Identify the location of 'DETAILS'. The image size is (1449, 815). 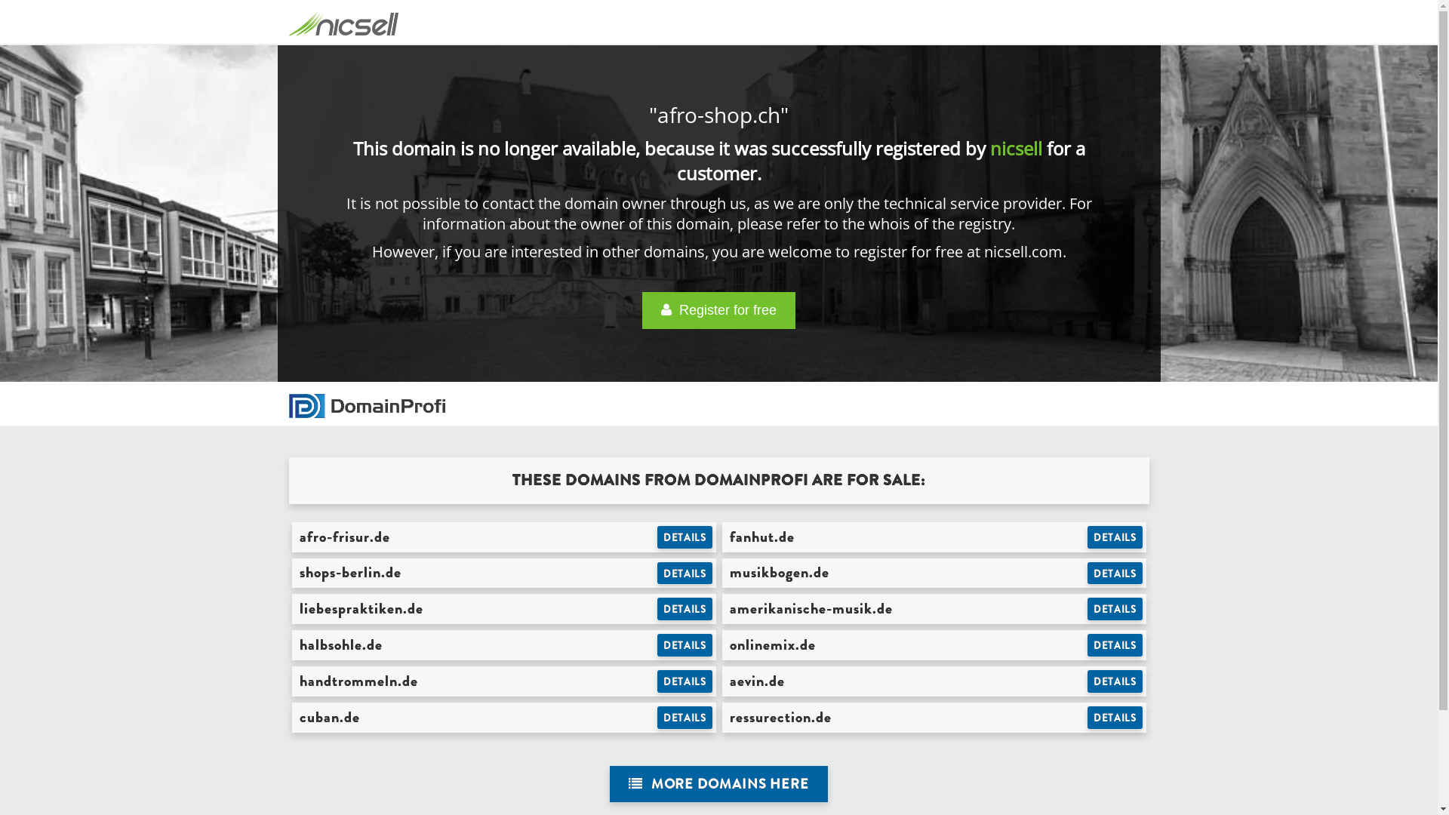
(1087, 645).